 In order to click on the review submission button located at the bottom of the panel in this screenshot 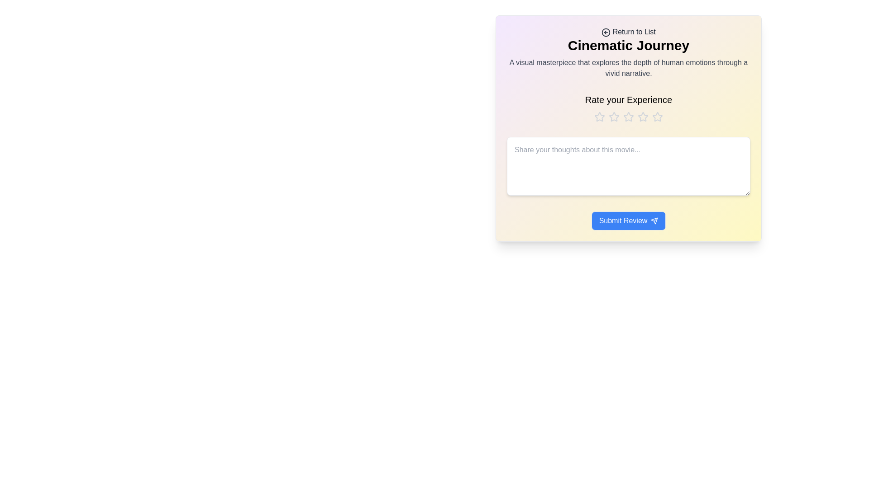, I will do `click(628, 218)`.